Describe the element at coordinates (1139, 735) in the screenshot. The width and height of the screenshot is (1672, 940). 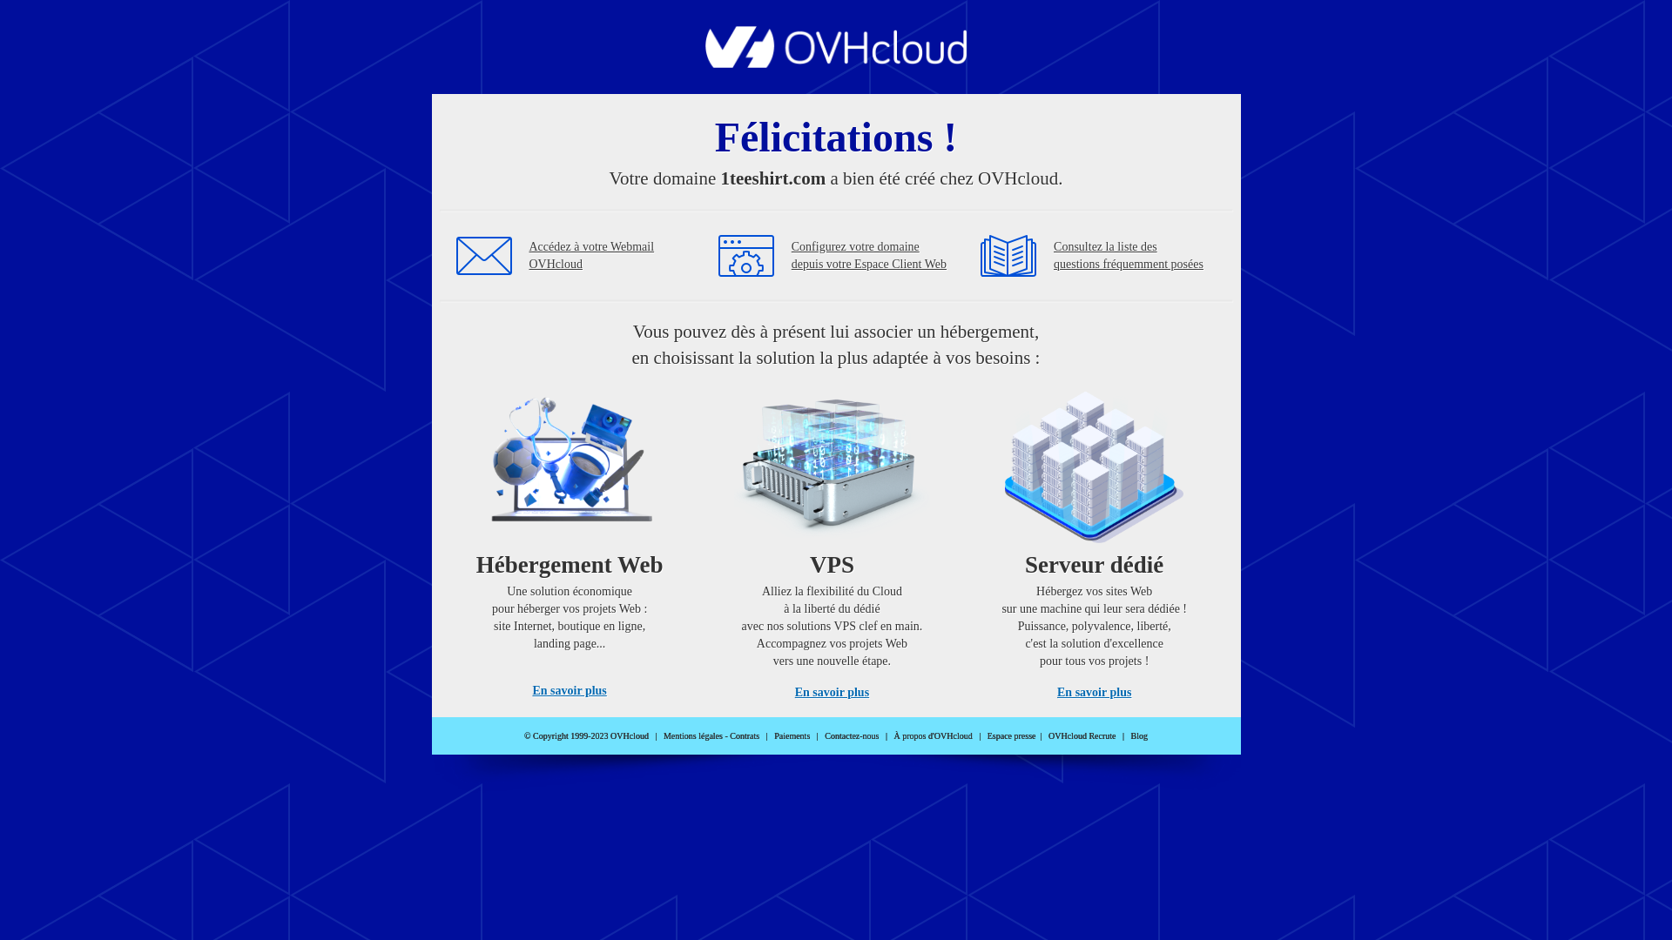
I see `'Blog'` at that location.